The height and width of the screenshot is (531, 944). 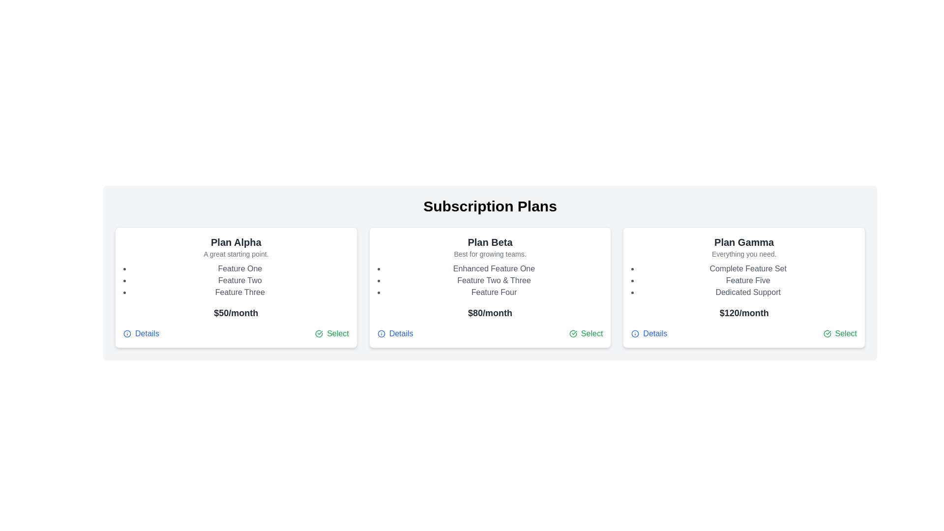 I want to click on the Text List that lists the features included in the 'Plan Gamma' subscription plan, located below the subheader text 'Everything you need.', so click(x=747, y=280).